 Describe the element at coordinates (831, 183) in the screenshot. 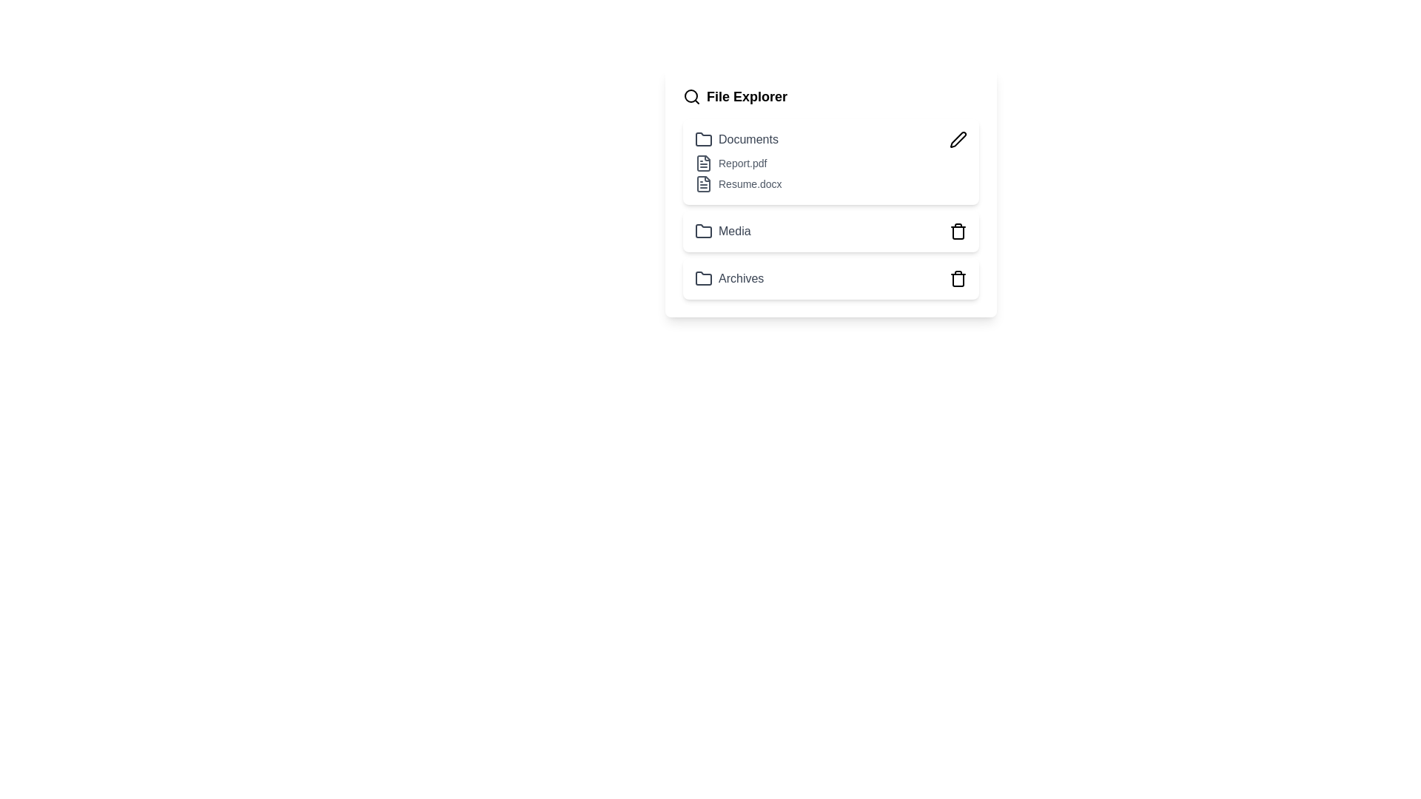

I see `the file entry 'Resume.docx' in the Documents section` at that location.